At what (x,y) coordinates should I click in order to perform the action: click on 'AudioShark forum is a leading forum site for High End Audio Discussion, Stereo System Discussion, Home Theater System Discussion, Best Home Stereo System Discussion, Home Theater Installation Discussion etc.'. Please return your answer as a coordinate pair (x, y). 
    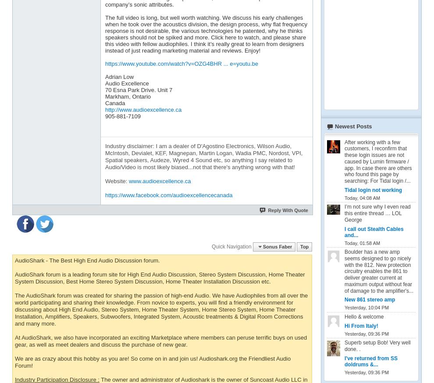
    Looking at the image, I should click on (14, 277).